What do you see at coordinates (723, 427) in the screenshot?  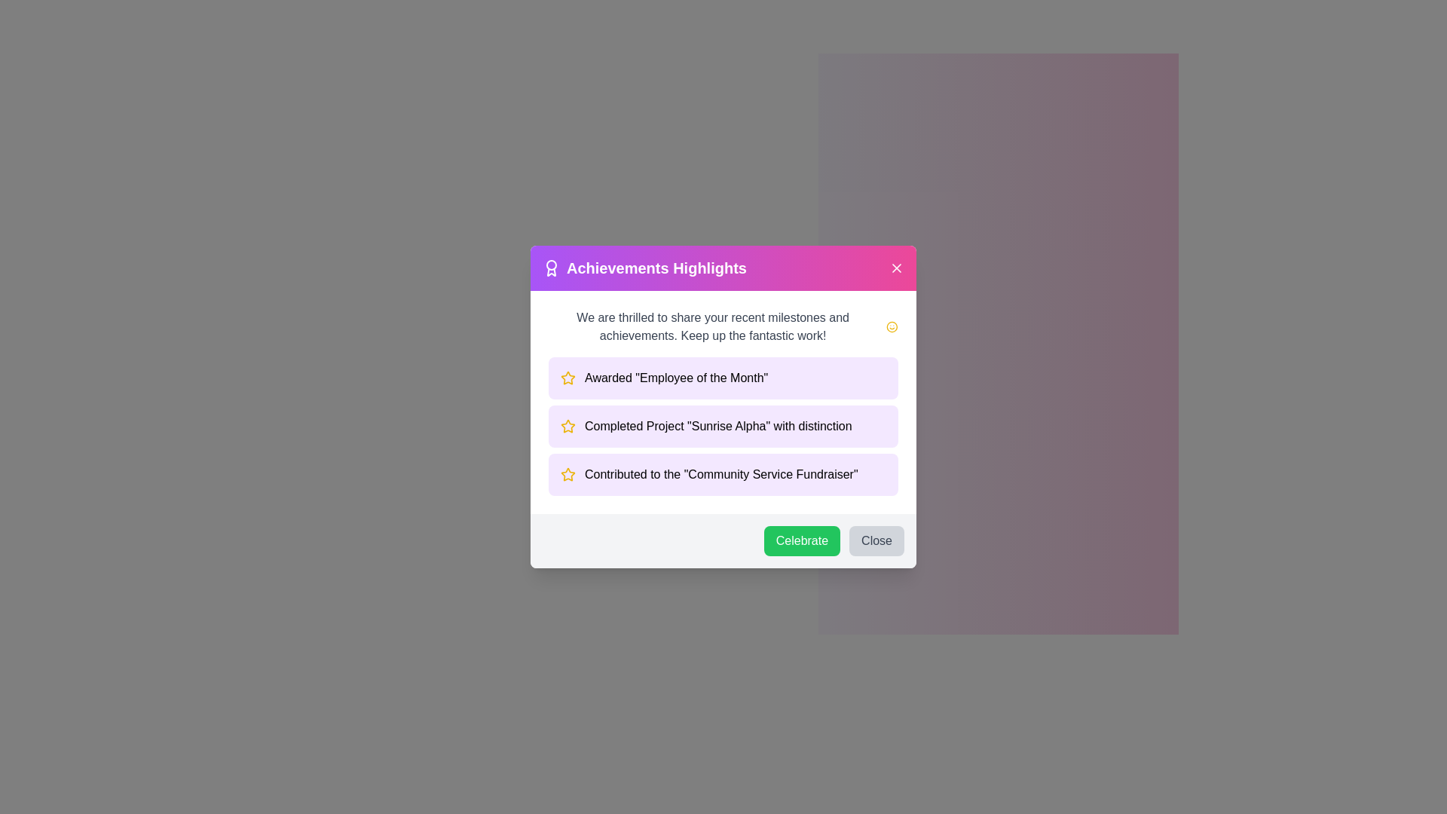 I see `the static display of an achievement located in the second position within the 'Achievements Highlights' modal dialog` at bounding box center [723, 427].